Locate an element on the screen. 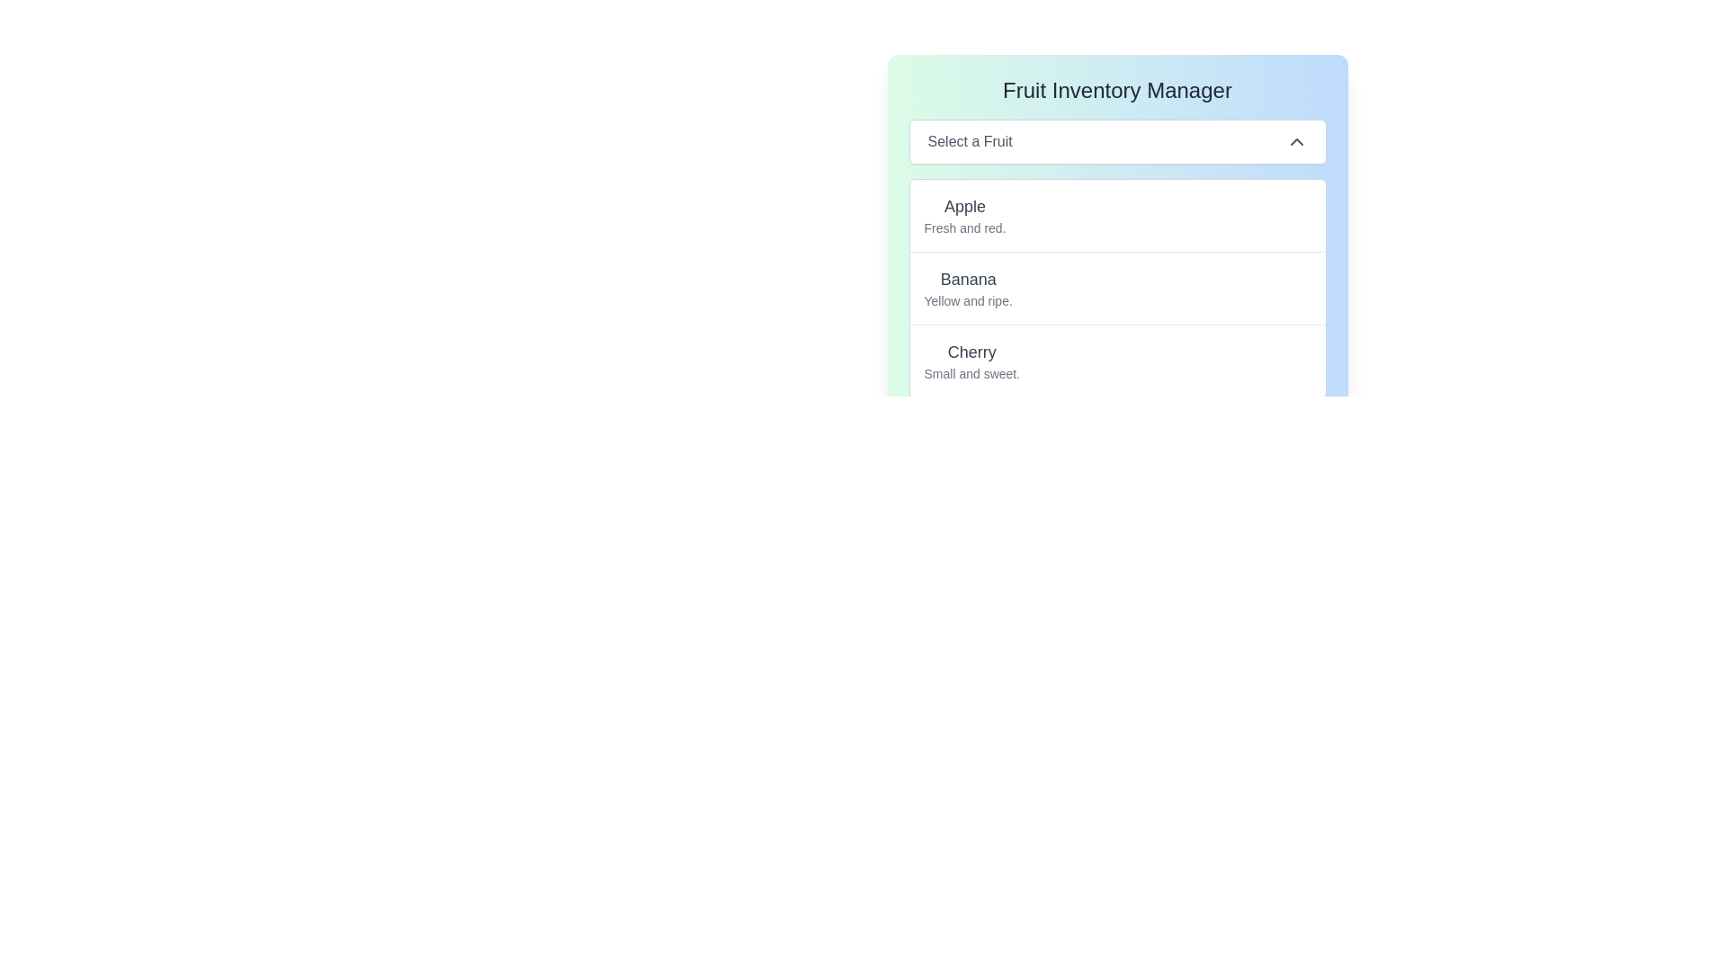 This screenshot has height=971, width=1727. the Dropdown menu labeled 'Select a Fruit' in the 'Fruit Inventory Manager' section is located at coordinates (1116, 141).